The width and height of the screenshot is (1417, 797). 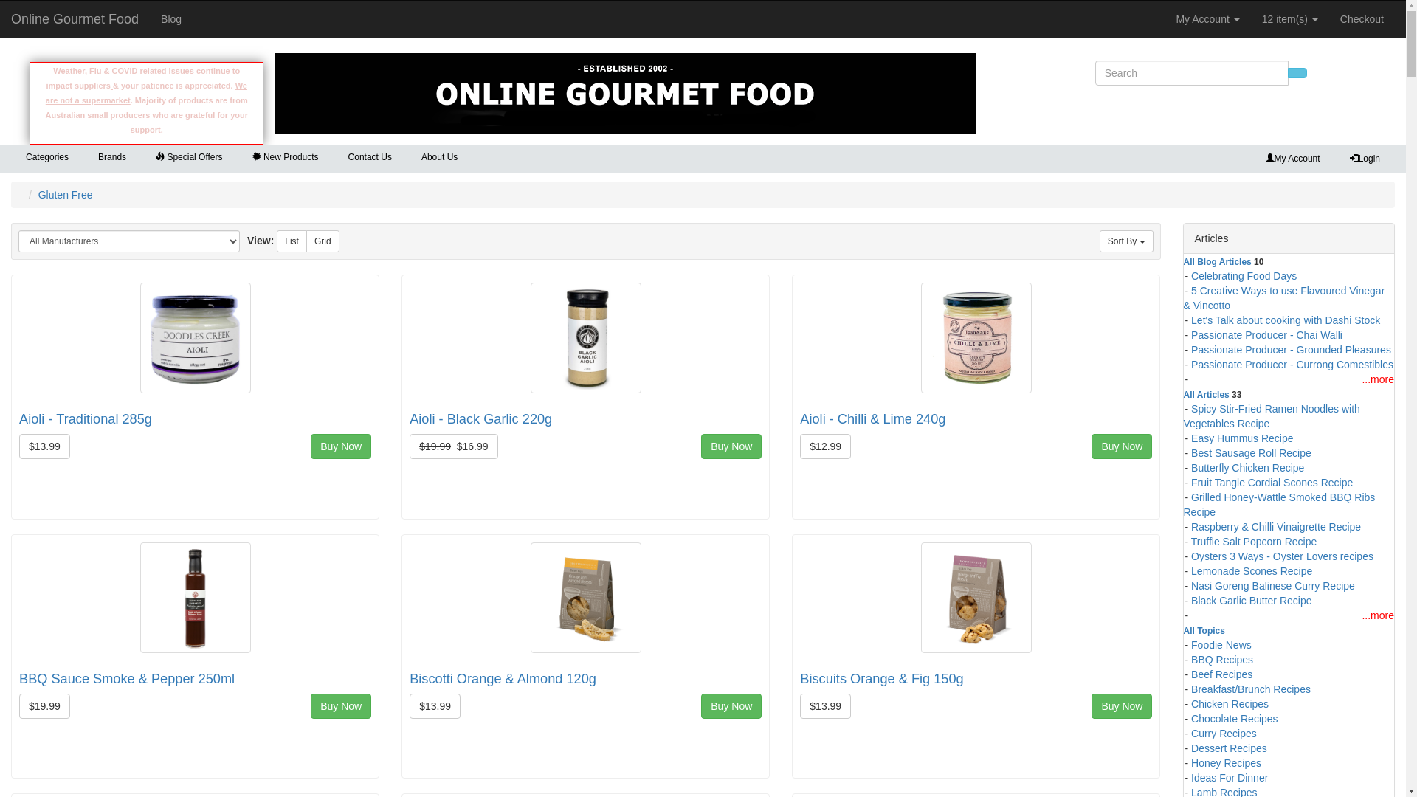 I want to click on 'Login', so click(x=1364, y=159).